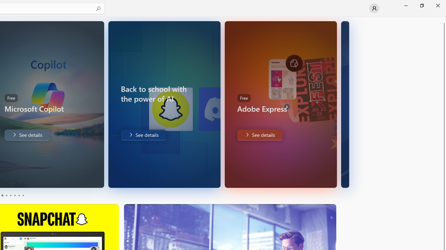  What do you see at coordinates (443, 19) in the screenshot?
I see `'Vertical Small Decrease'` at bounding box center [443, 19].